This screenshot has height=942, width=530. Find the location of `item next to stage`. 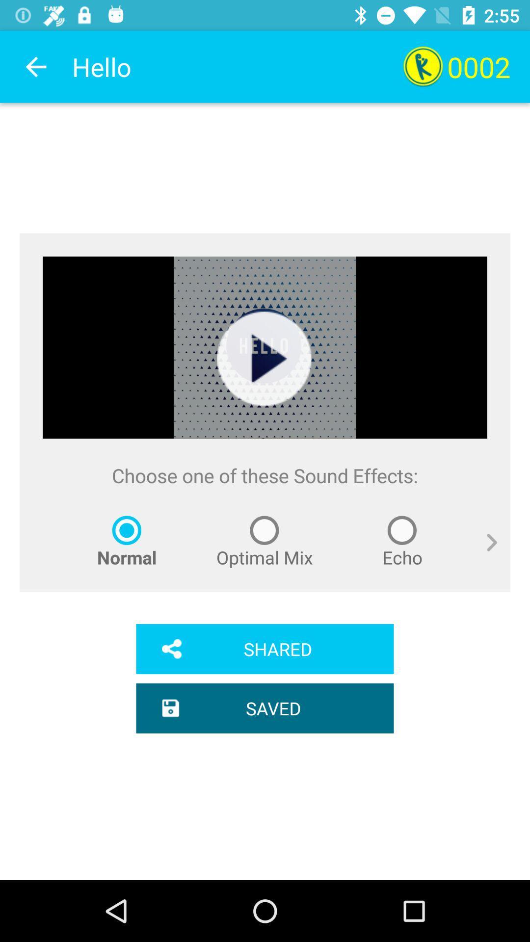

item next to stage is located at coordinates (484, 553).